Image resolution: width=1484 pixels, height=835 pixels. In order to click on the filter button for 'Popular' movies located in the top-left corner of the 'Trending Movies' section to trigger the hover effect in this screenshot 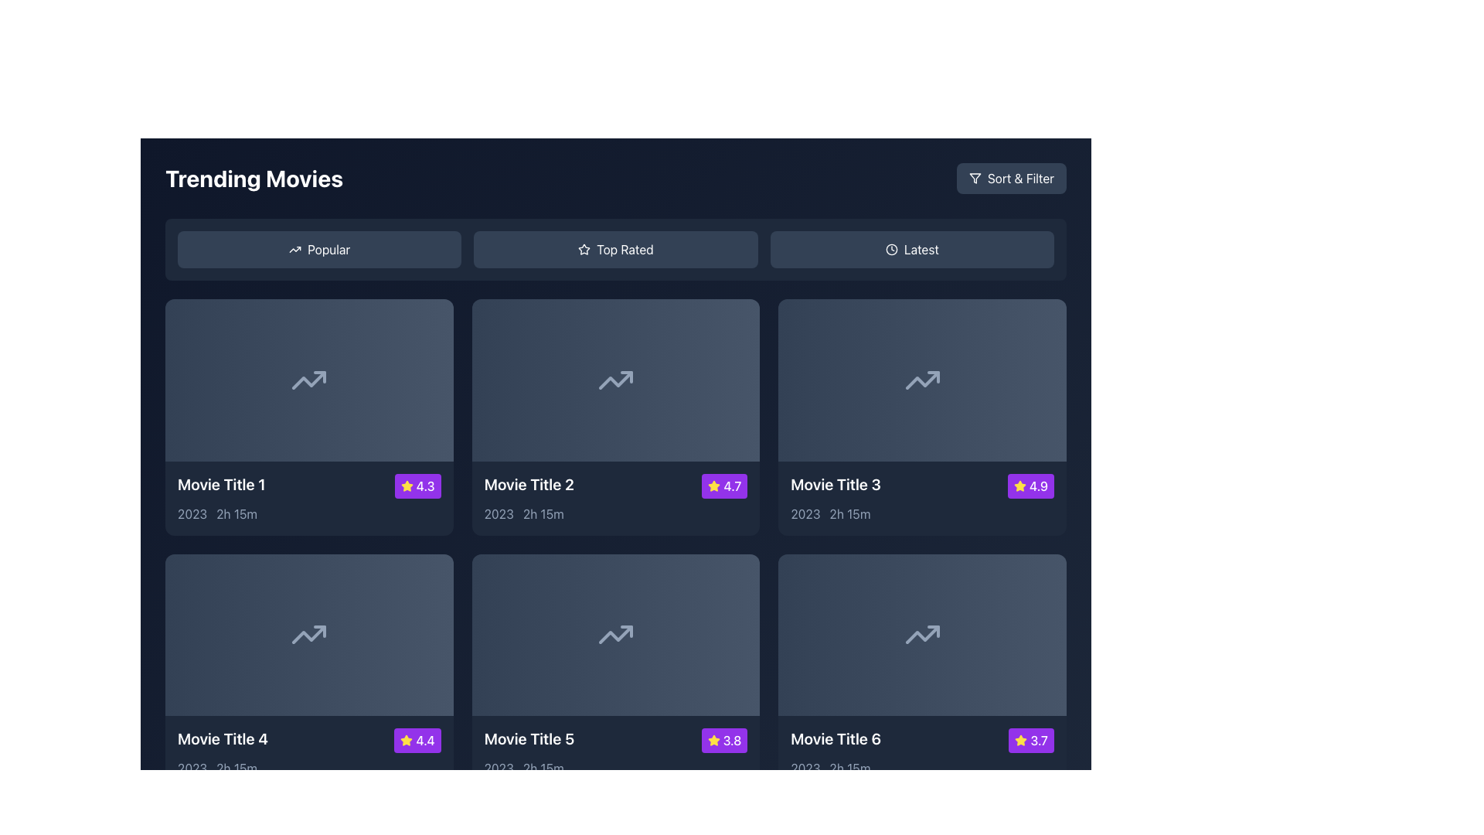, I will do `click(318, 249)`.